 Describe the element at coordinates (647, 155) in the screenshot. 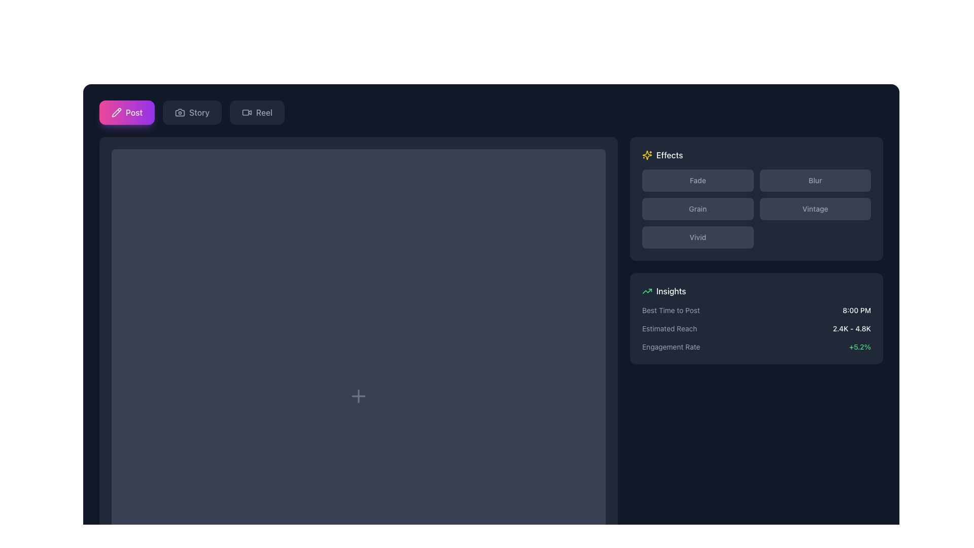

I see `the starburst icon located in the 'Effects' panel` at that location.